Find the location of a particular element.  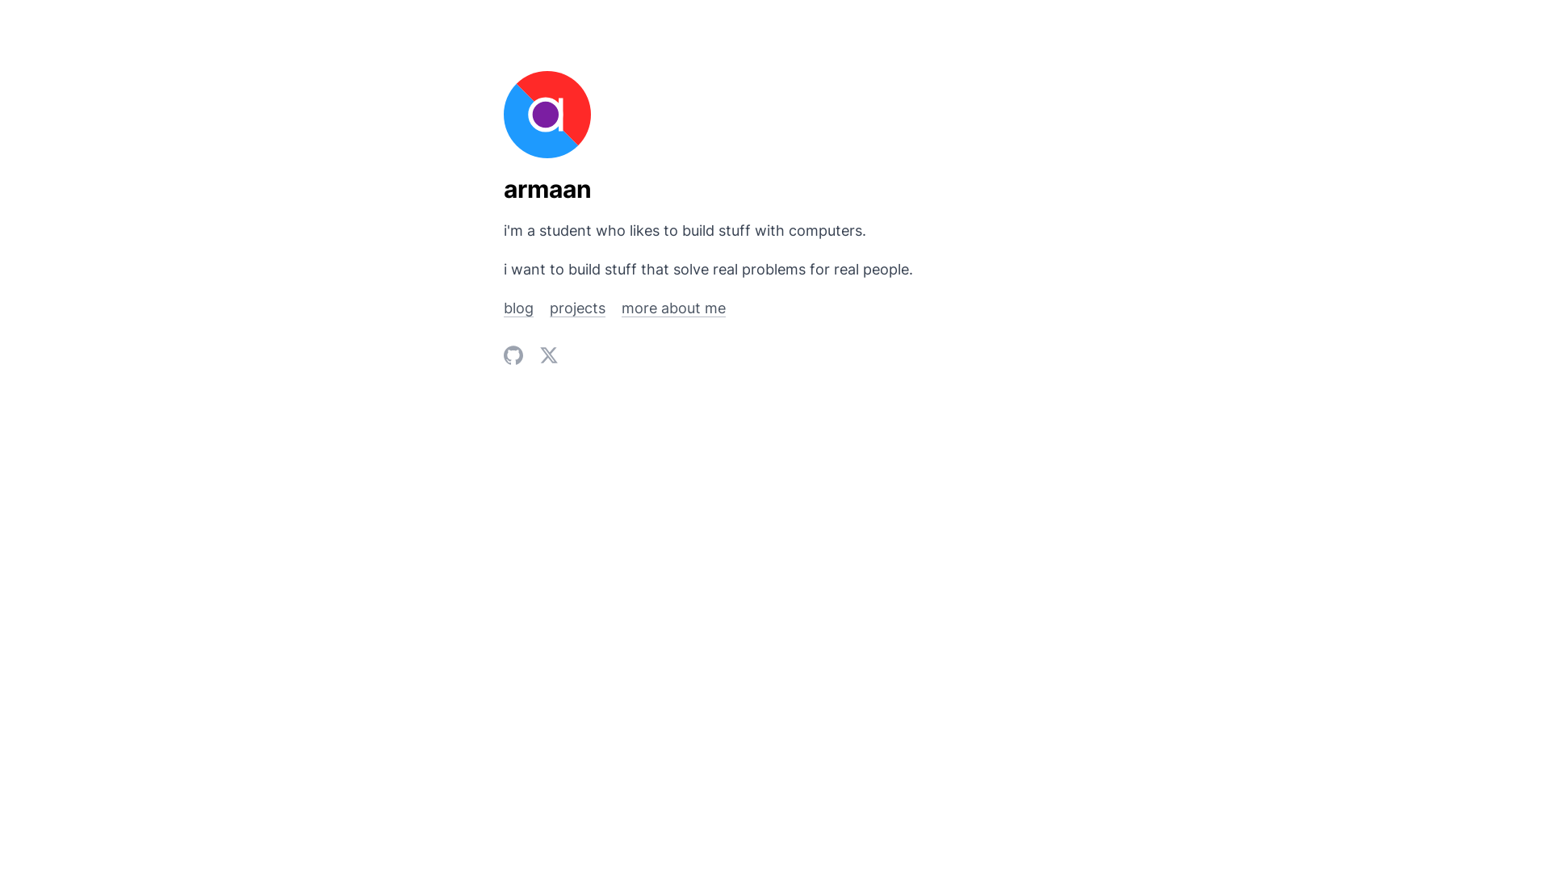

'blog' is located at coordinates (503, 308).